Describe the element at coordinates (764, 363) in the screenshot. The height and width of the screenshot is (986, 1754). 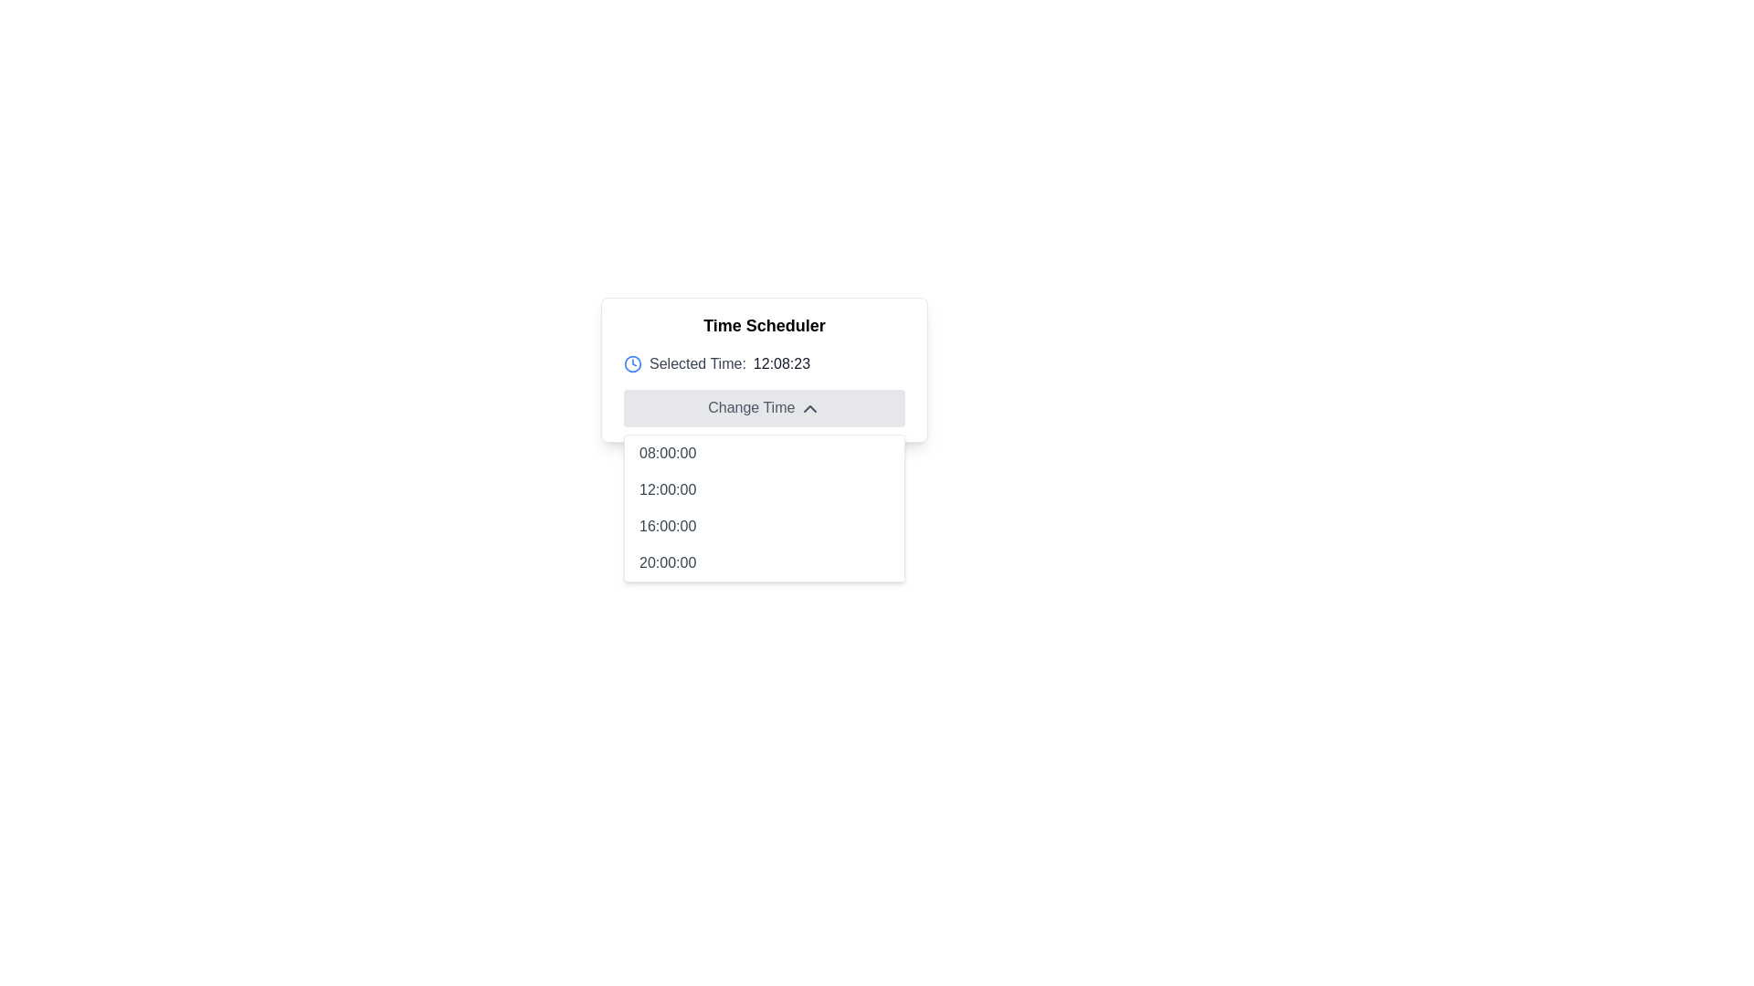
I see `the text display element that shows the currently selected time in the 'Time Scheduler' panel, located below the title 'Time Scheduler' and above the 'Change Time' button` at that location.